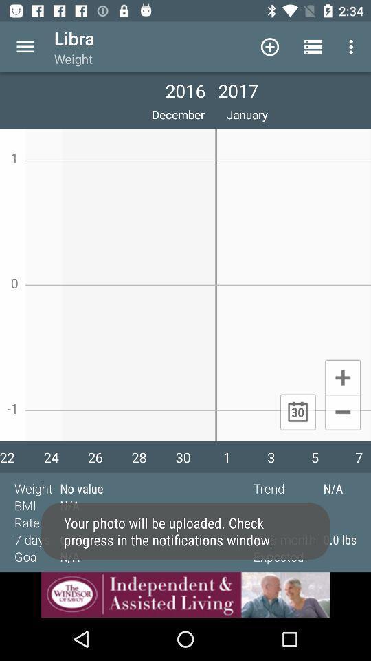 The height and width of the screenshot is (661, 371). Describe the element at coordinates (185, 594) in the screenshot. I see `show outside advertisement` at that location.